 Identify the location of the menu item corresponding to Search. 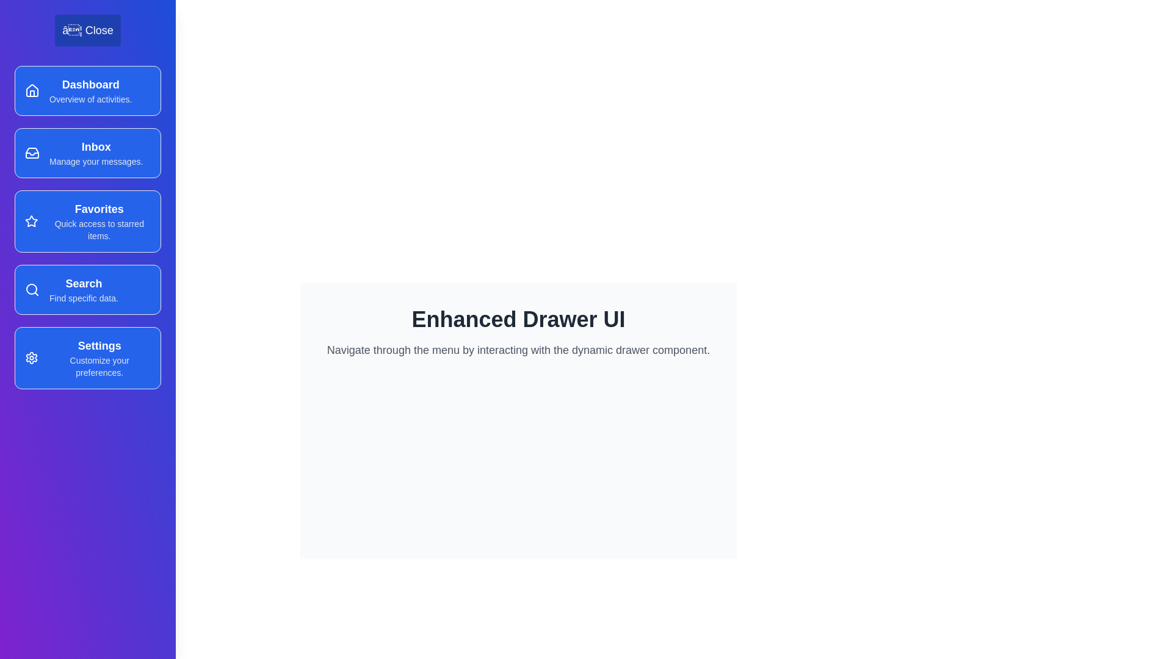
(87, 289).